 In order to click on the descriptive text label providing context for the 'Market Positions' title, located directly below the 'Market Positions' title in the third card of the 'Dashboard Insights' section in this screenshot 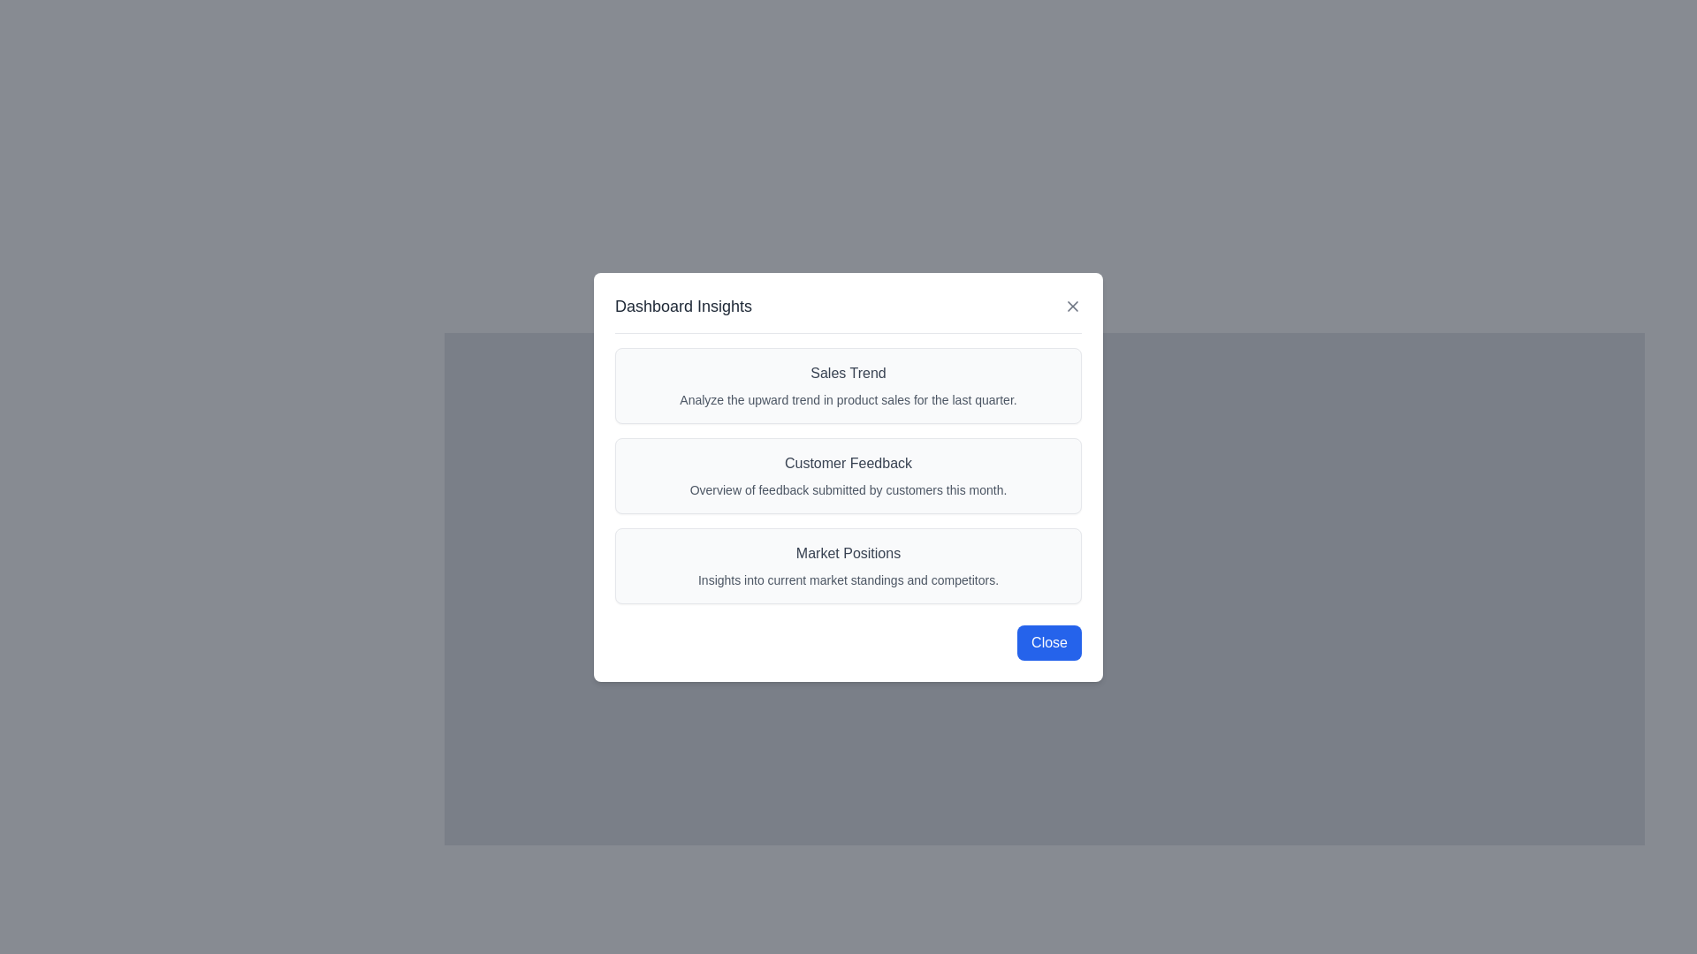, I will do `click(848, 579)`.